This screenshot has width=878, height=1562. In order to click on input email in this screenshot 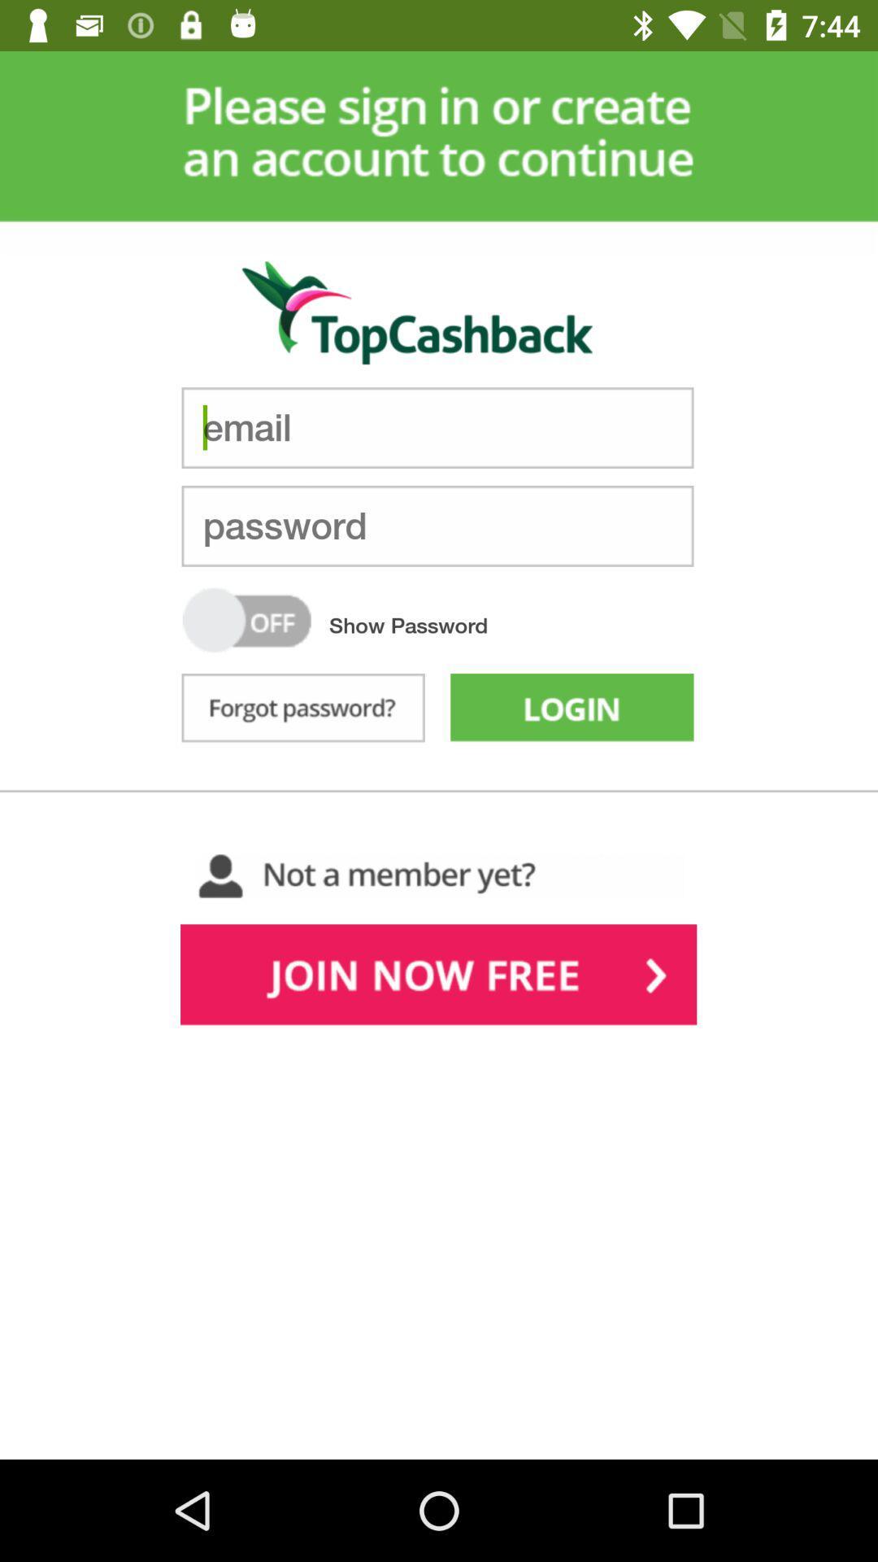, I will do `click(437, 428)`.